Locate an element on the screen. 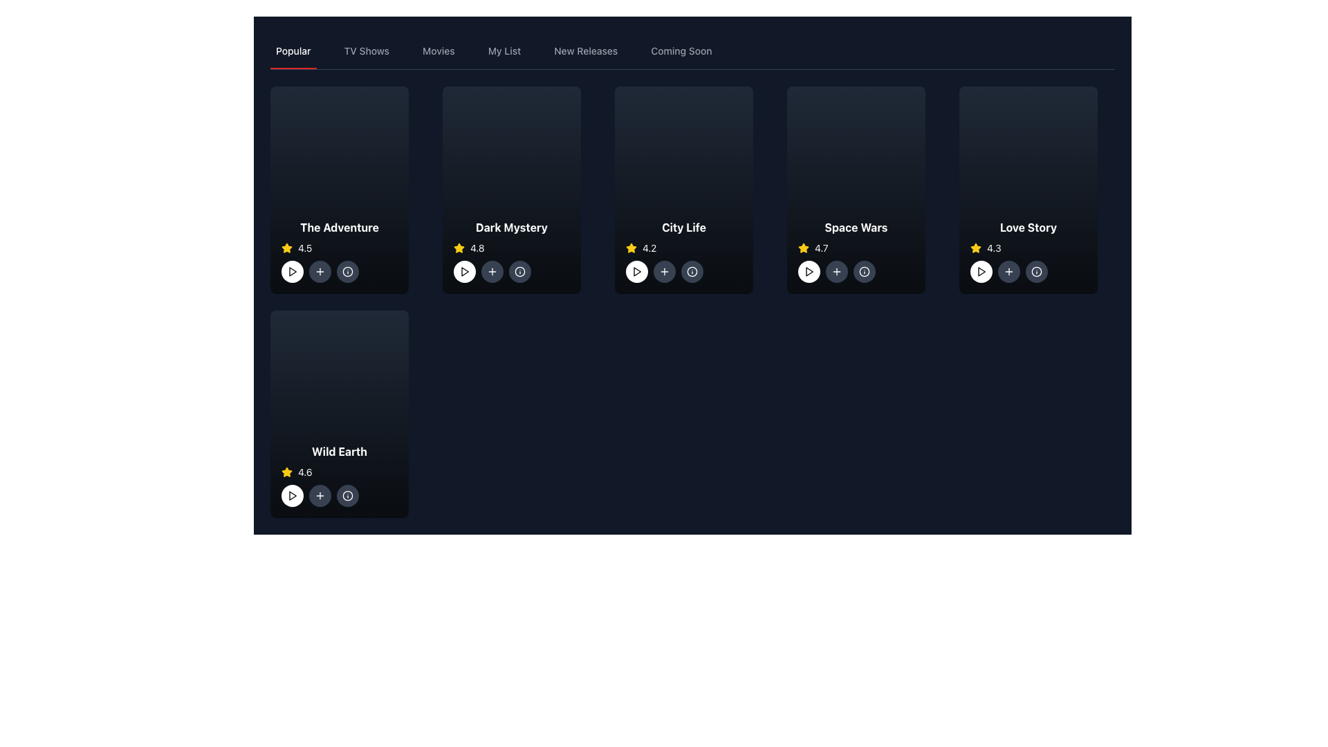 Image resolution: width=1328 pixels, height=747 pixels. the circular SVG graphic element located in the center of the information icon within the 'Space Wars' card is located at coordinates (863, 272).